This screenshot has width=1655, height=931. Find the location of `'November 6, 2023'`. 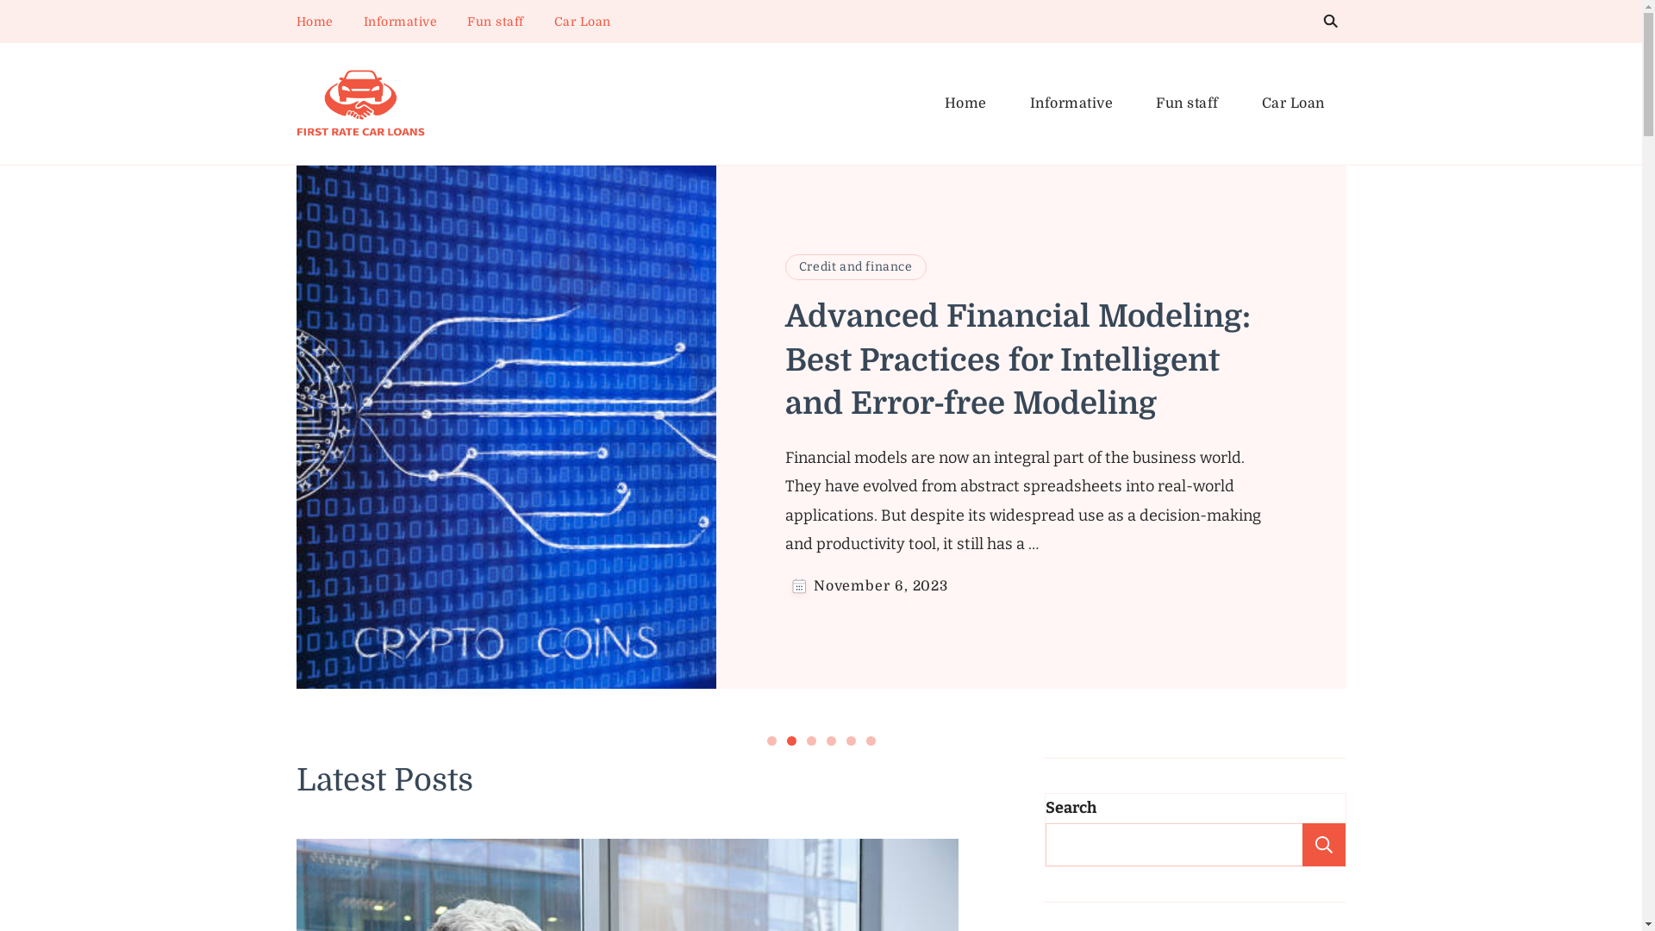

'November 6, 2023' is located at coordinates (881, 584).